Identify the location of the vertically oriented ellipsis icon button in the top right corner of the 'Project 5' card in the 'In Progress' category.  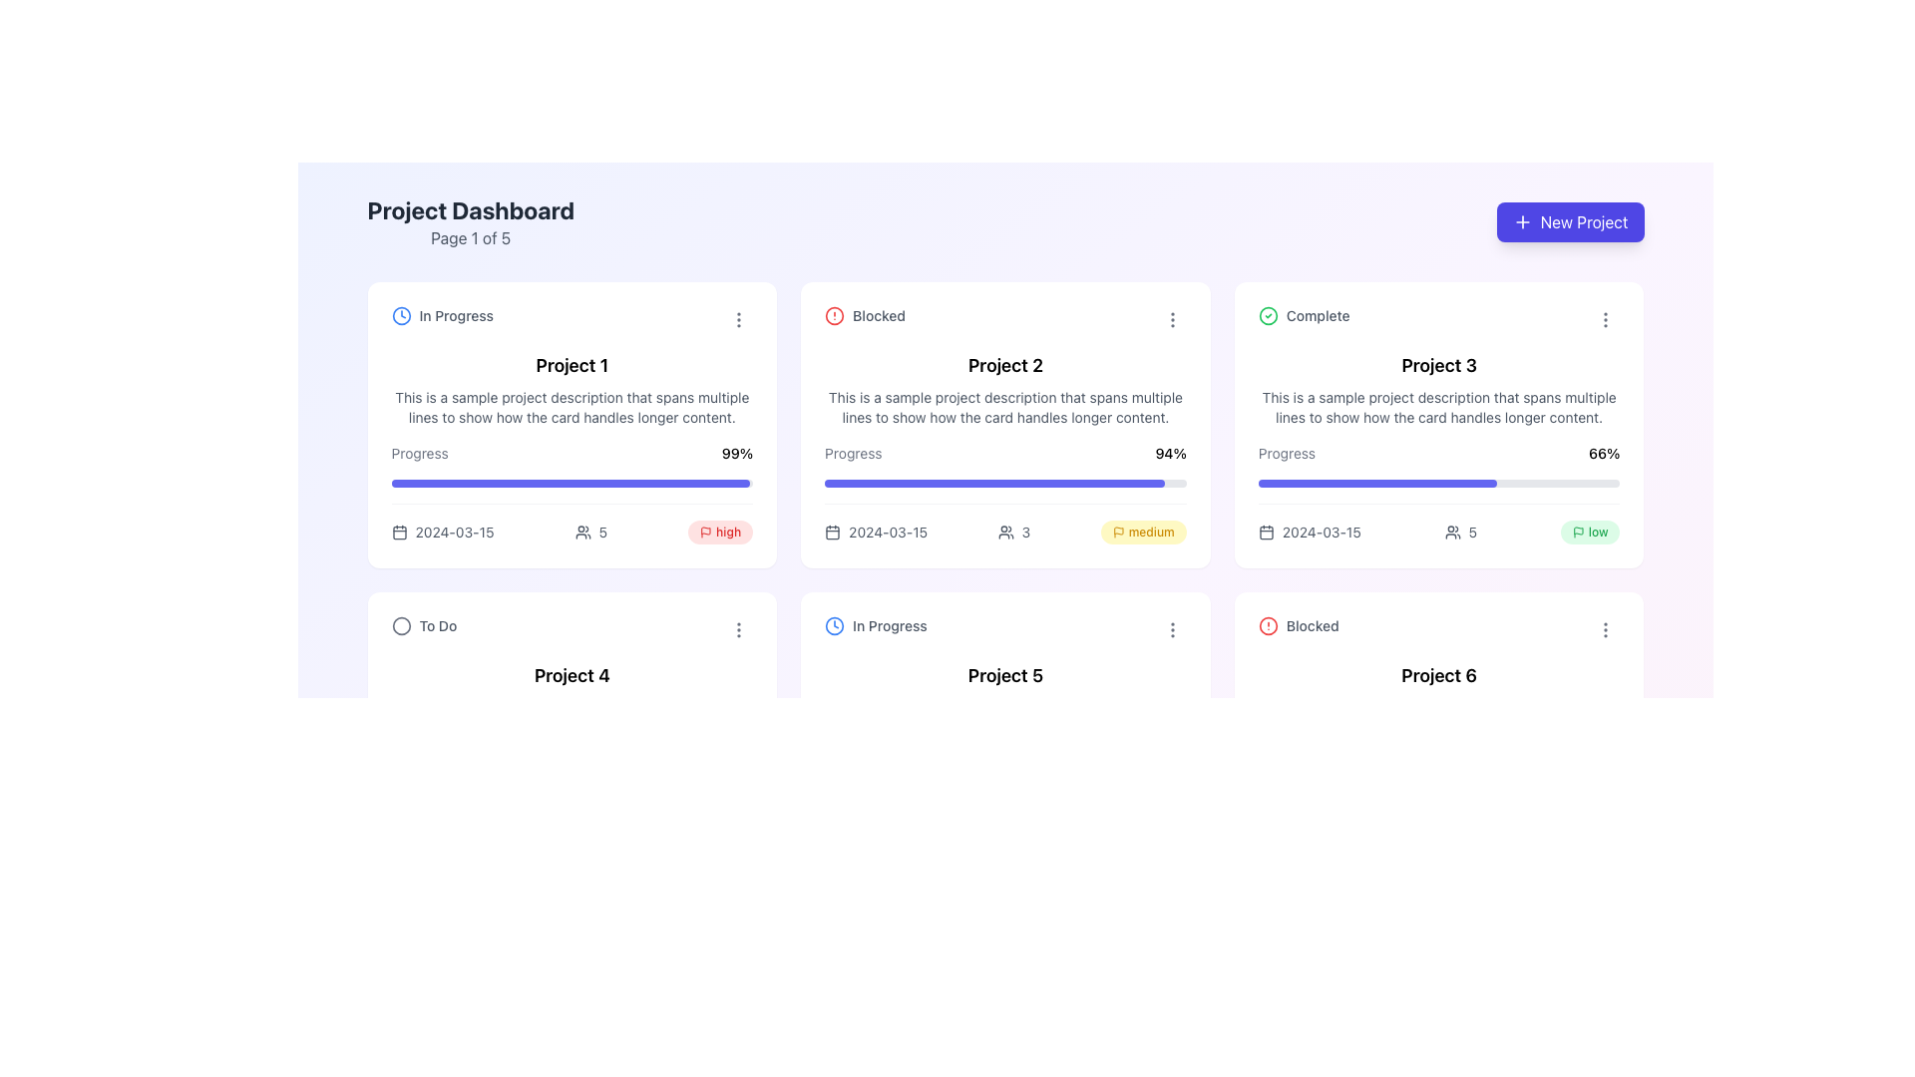
(1172, 630).